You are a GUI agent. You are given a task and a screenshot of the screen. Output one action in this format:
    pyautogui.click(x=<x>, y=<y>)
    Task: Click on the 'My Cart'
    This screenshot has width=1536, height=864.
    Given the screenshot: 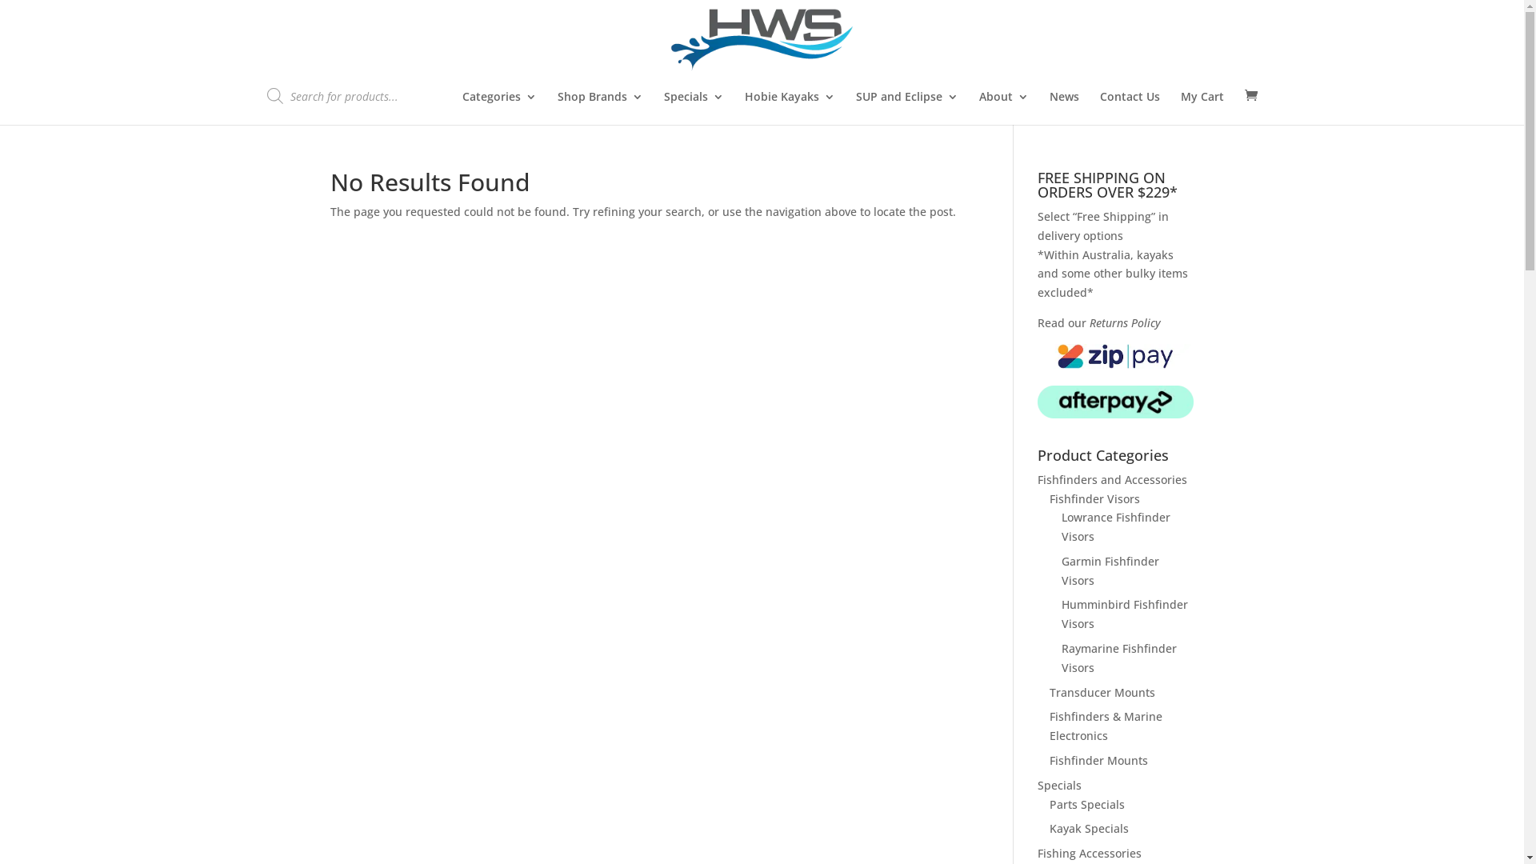 What is the action you would take?
    pyautogui.click(x=1202, y=108)
    